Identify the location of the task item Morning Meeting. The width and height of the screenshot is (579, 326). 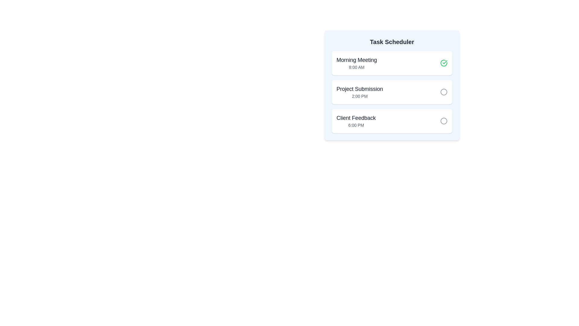
(392, 63).